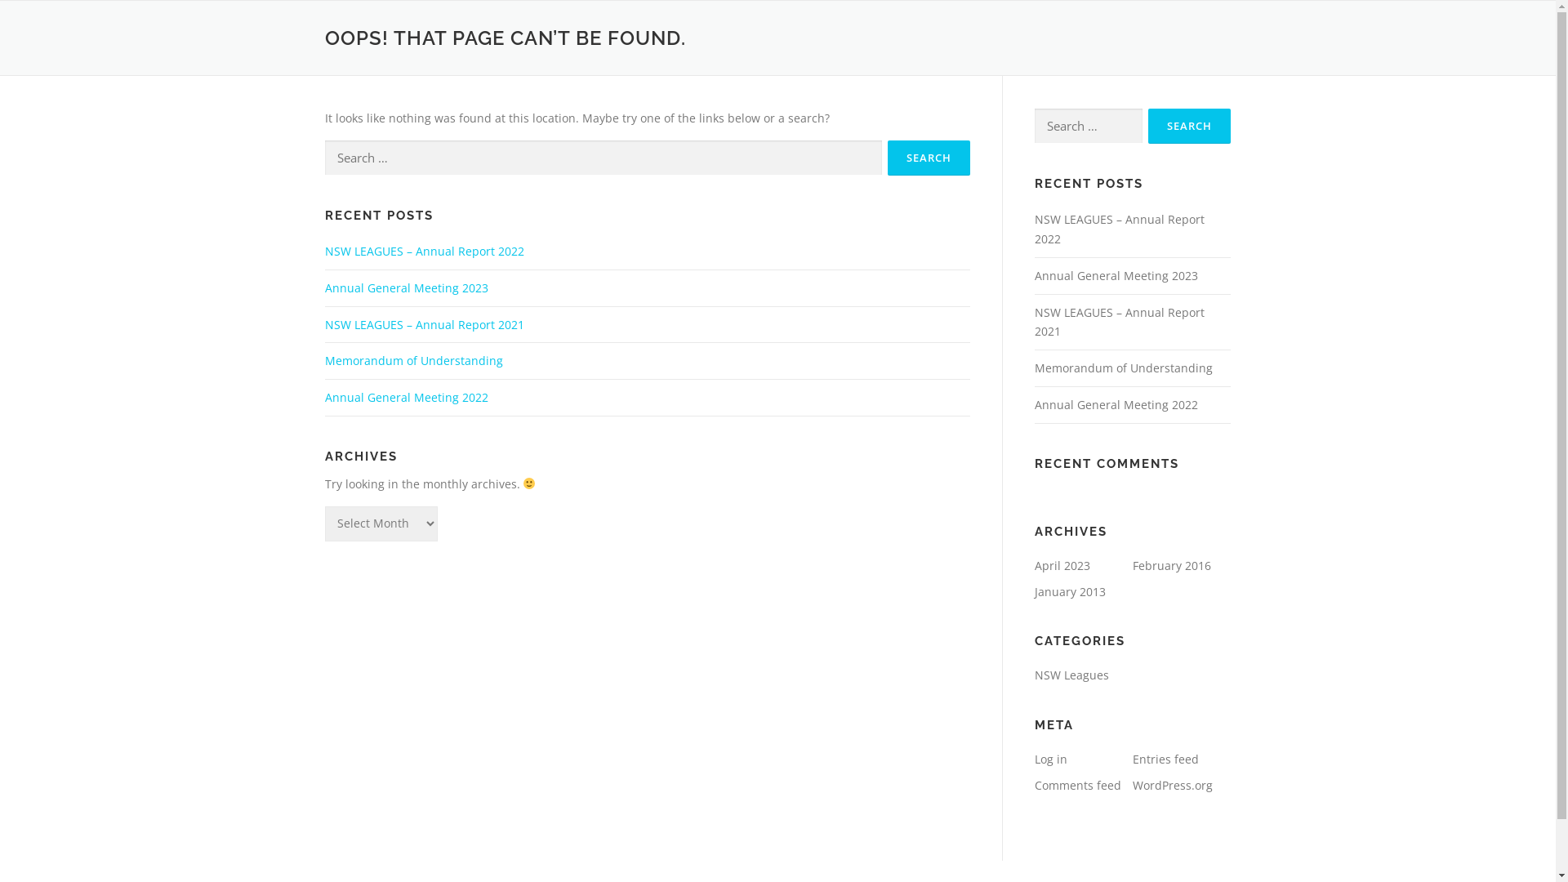 The width and height of the screenshot is (1568, 882). Describe the element at coordinates (414, 359) in the screenshot. I see `'Memorandum of Understanding'` at that location.